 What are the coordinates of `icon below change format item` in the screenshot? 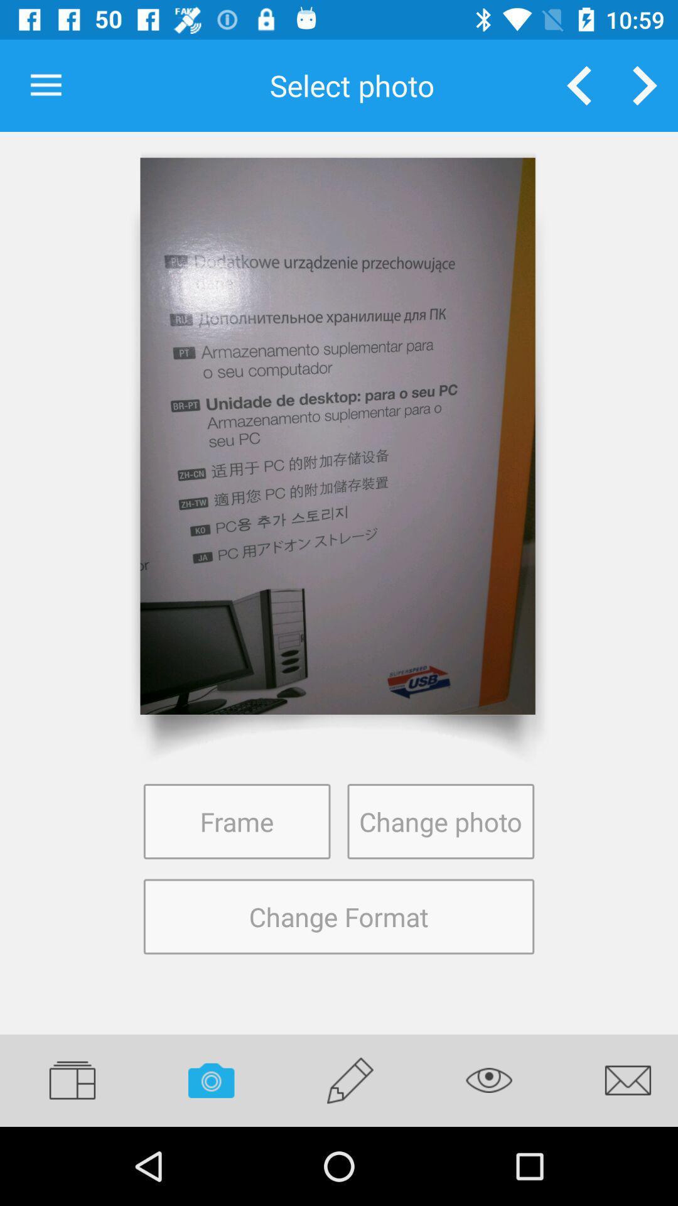 It's located at (488, 1080).